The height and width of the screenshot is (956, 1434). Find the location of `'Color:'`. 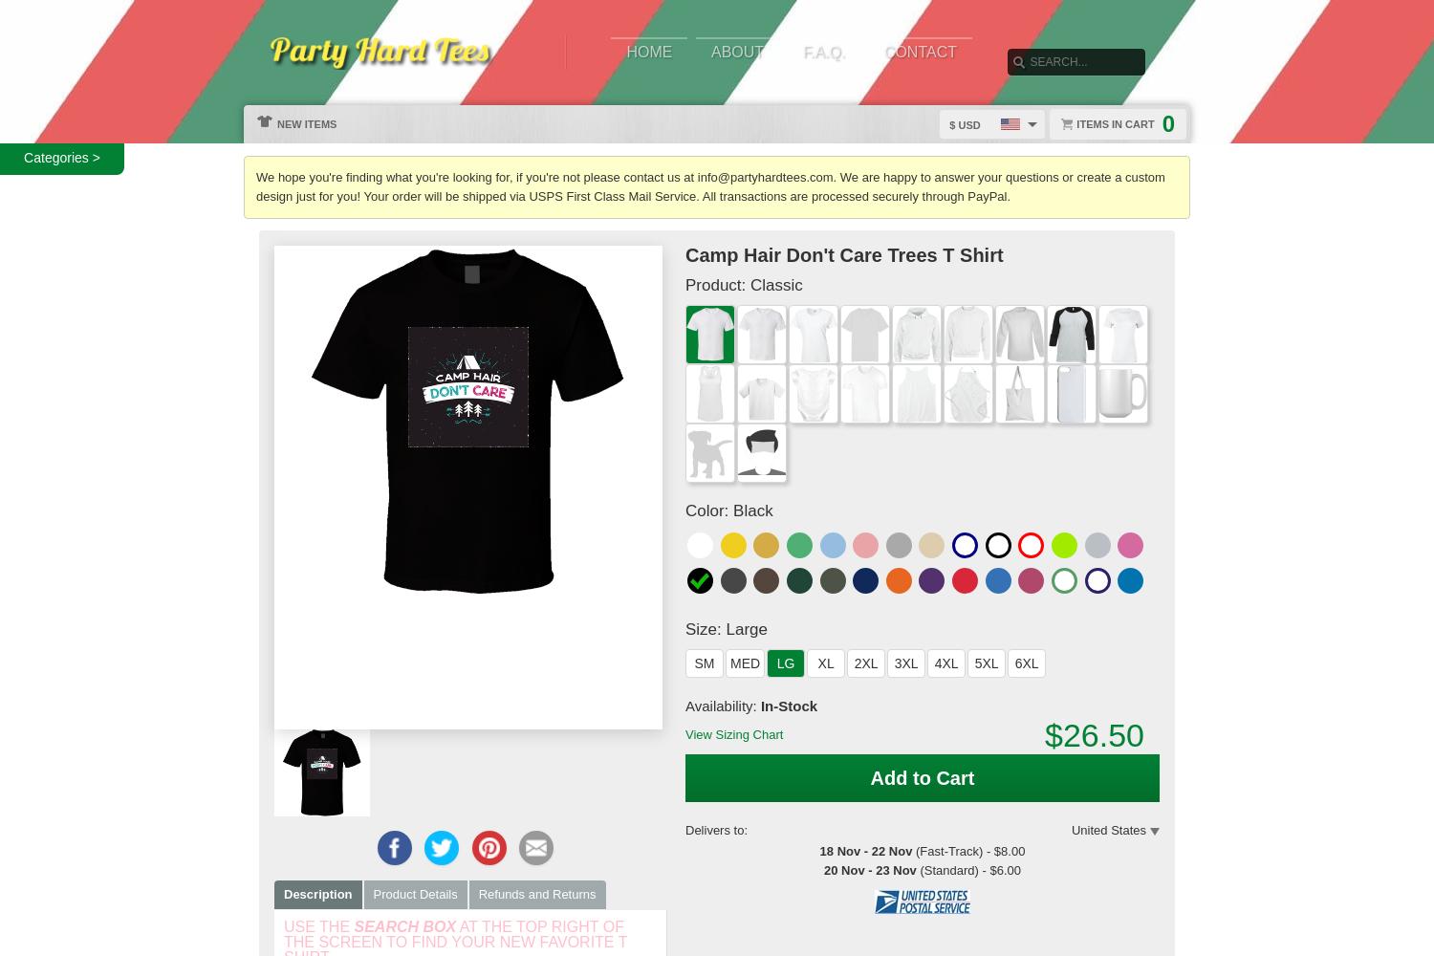

'Color:' is located at coordinates (708, 511).